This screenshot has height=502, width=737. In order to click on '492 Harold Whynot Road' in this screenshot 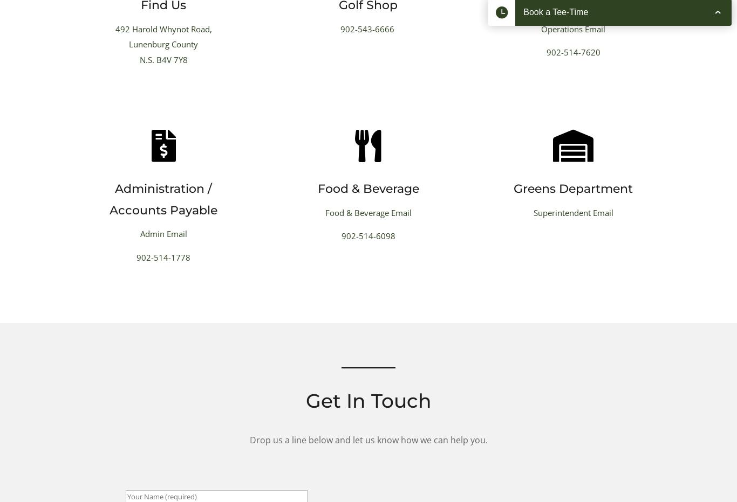, I will do `click(162, 28)`.